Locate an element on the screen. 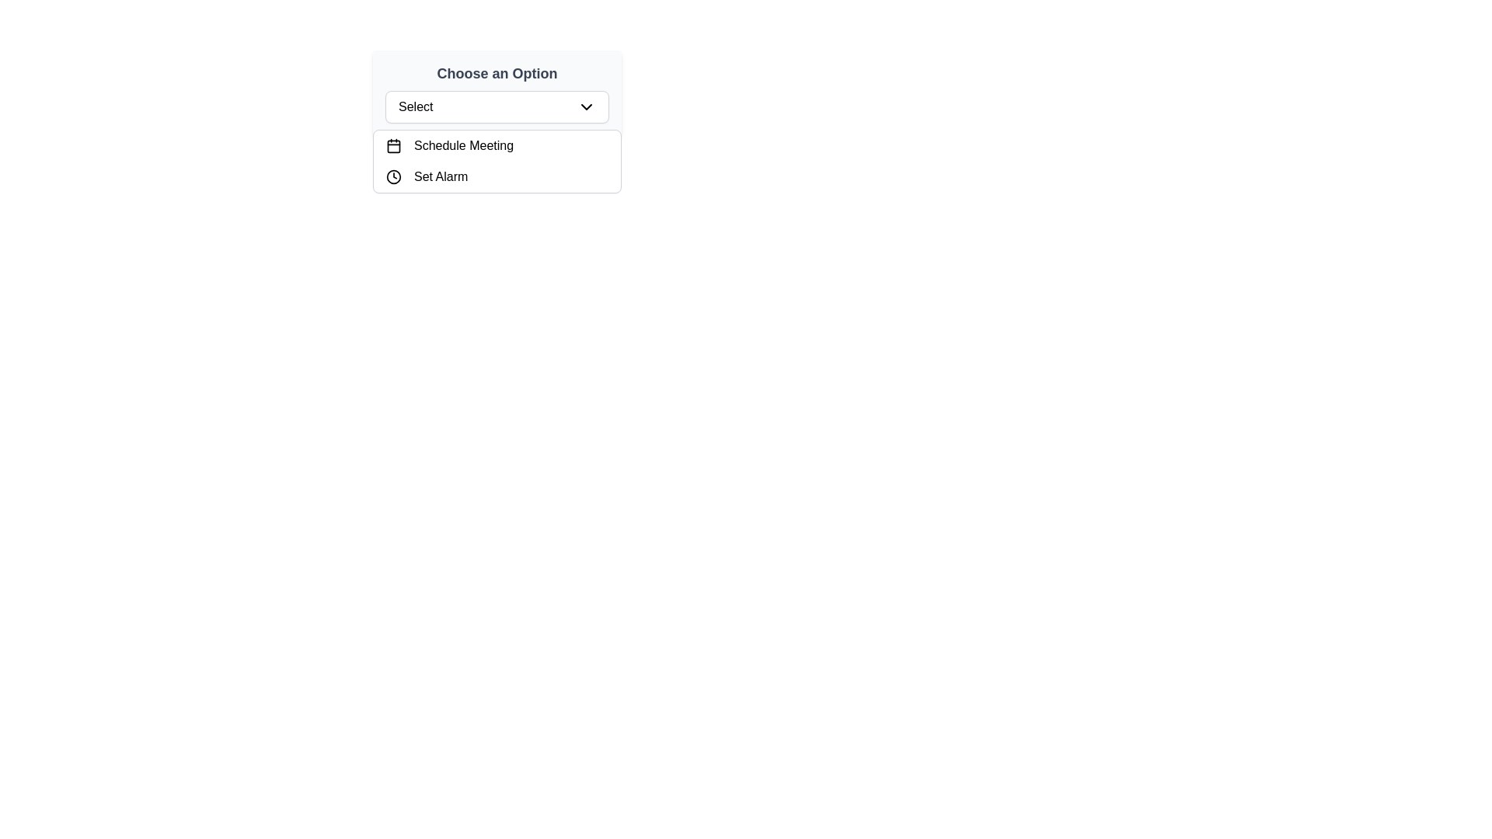 This screenshot has height=839, width=1492. the circular outline of the clock icon located under the 'Set Alarm' option in the dropdown menu is located at coordinates (394, 176).